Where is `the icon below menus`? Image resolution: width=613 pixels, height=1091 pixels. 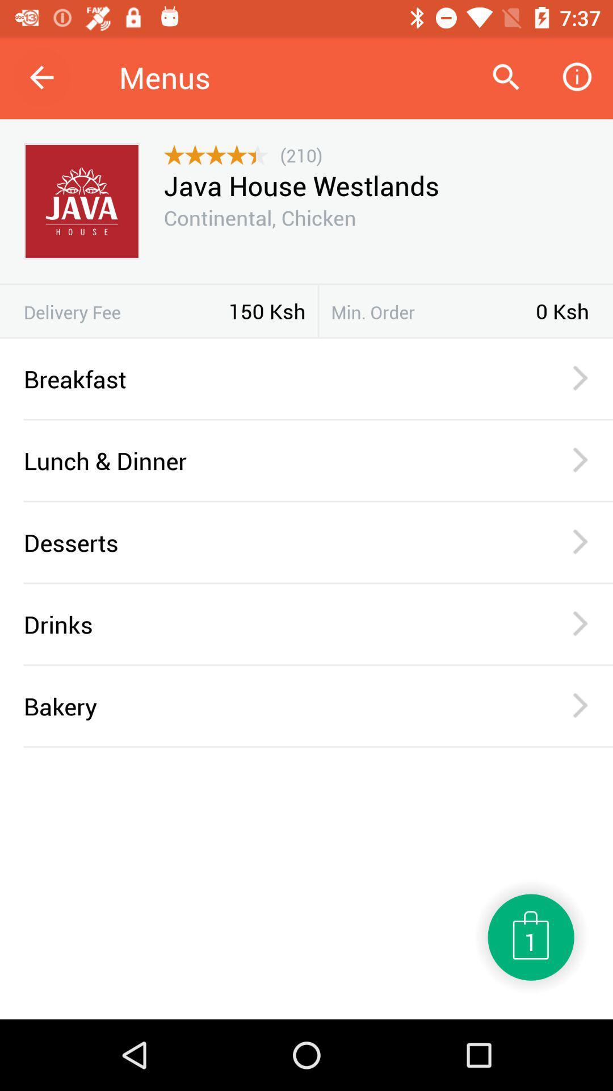
the icon below menus is located at coordinates (301, 155).